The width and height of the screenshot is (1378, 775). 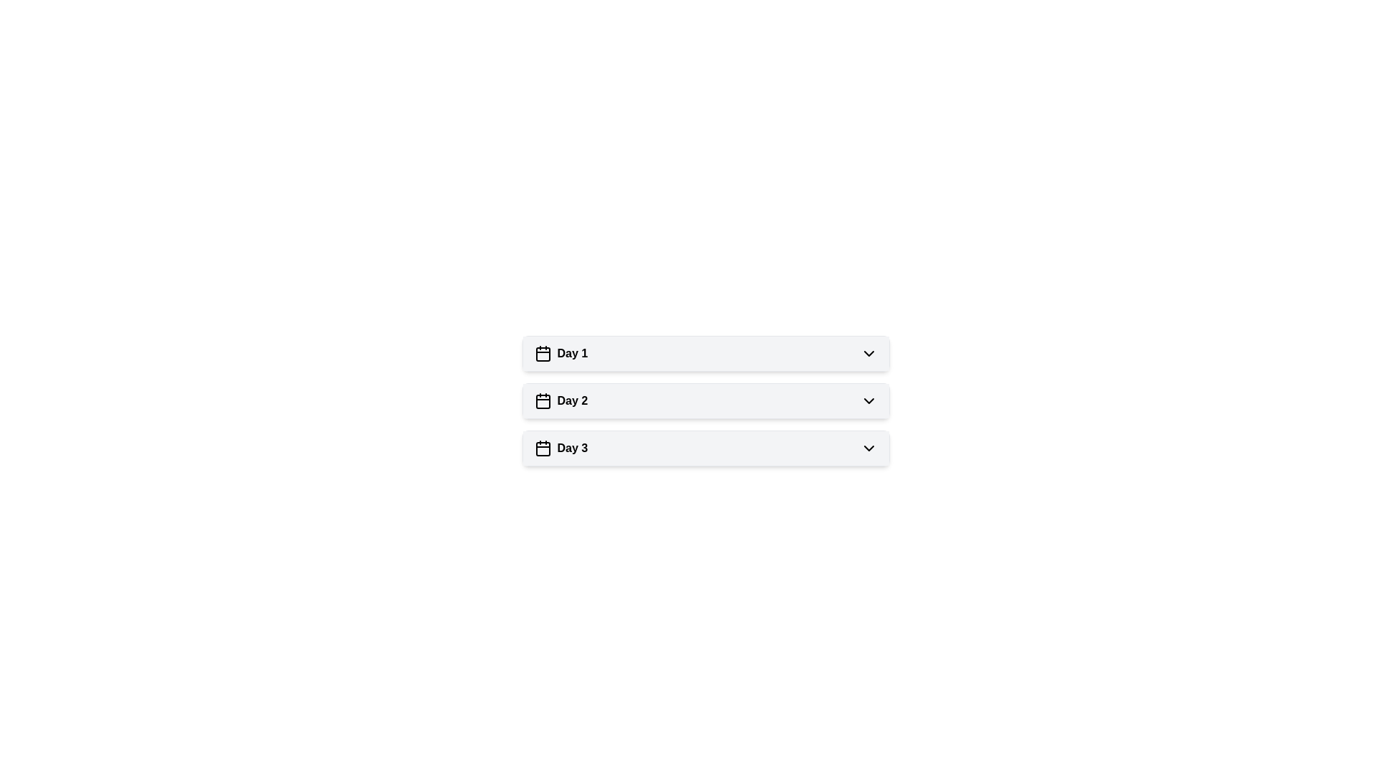 What do you see at coordinates (571, 354) in the screenshot?
I see `the non-interactive text element that indicates 'Day 1', which is part of the first row of a vertically aligned list and positioned to the right of a calendar icon` at bounding box center [571, 354].